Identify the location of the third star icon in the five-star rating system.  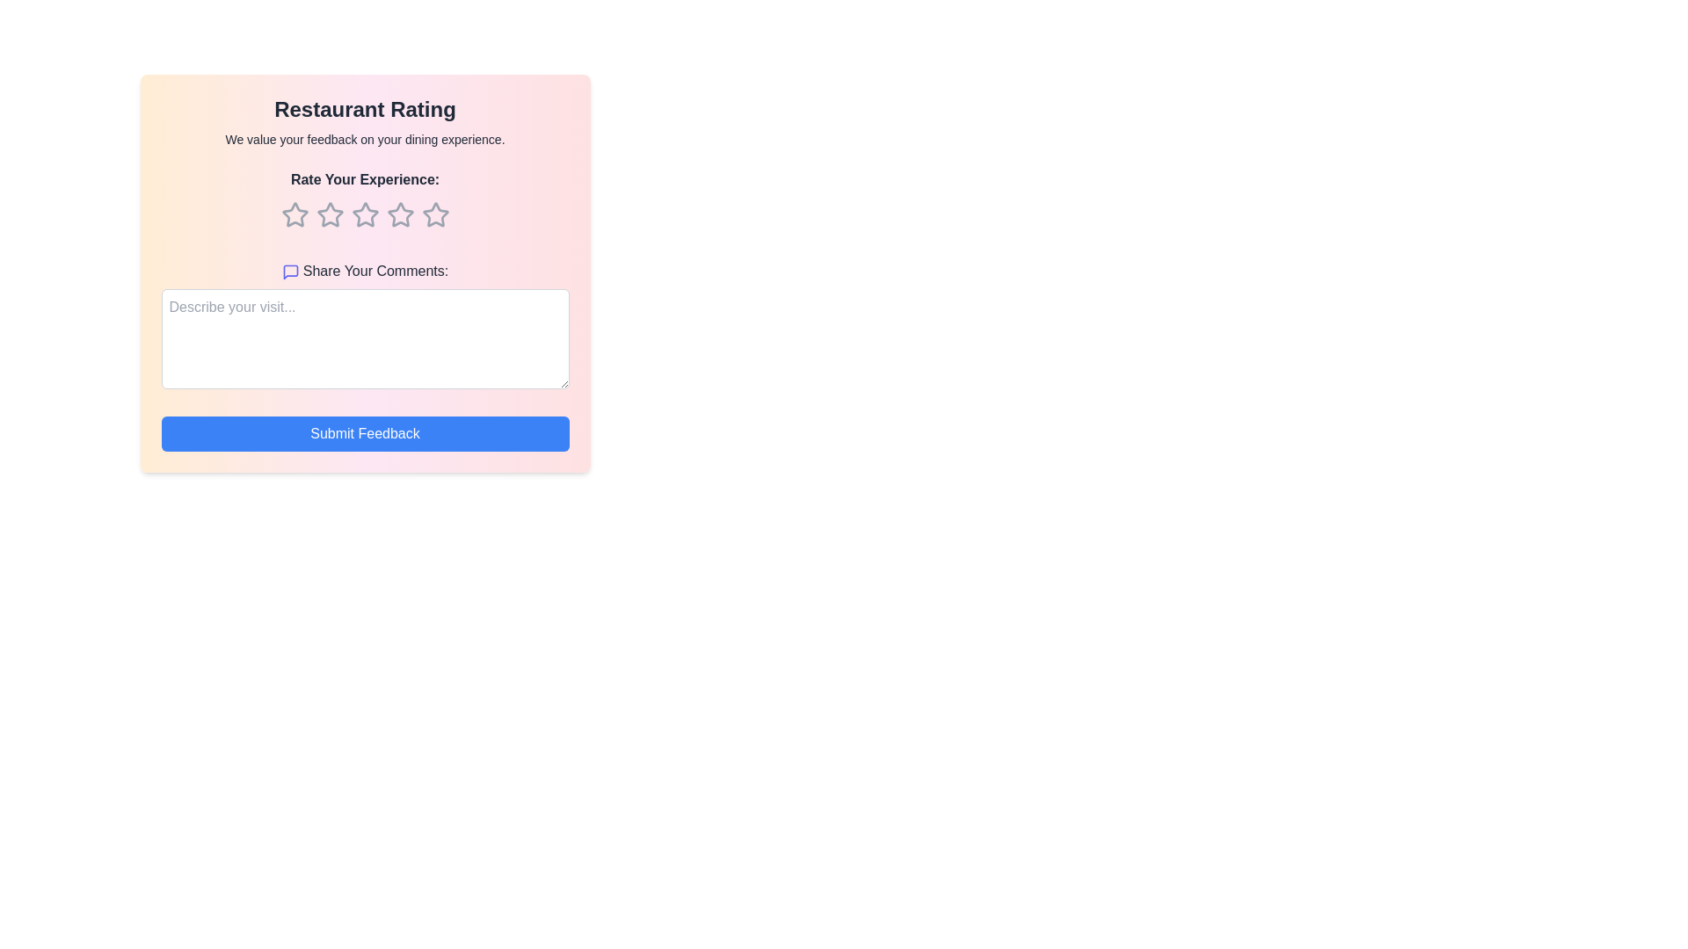
(399, 214).